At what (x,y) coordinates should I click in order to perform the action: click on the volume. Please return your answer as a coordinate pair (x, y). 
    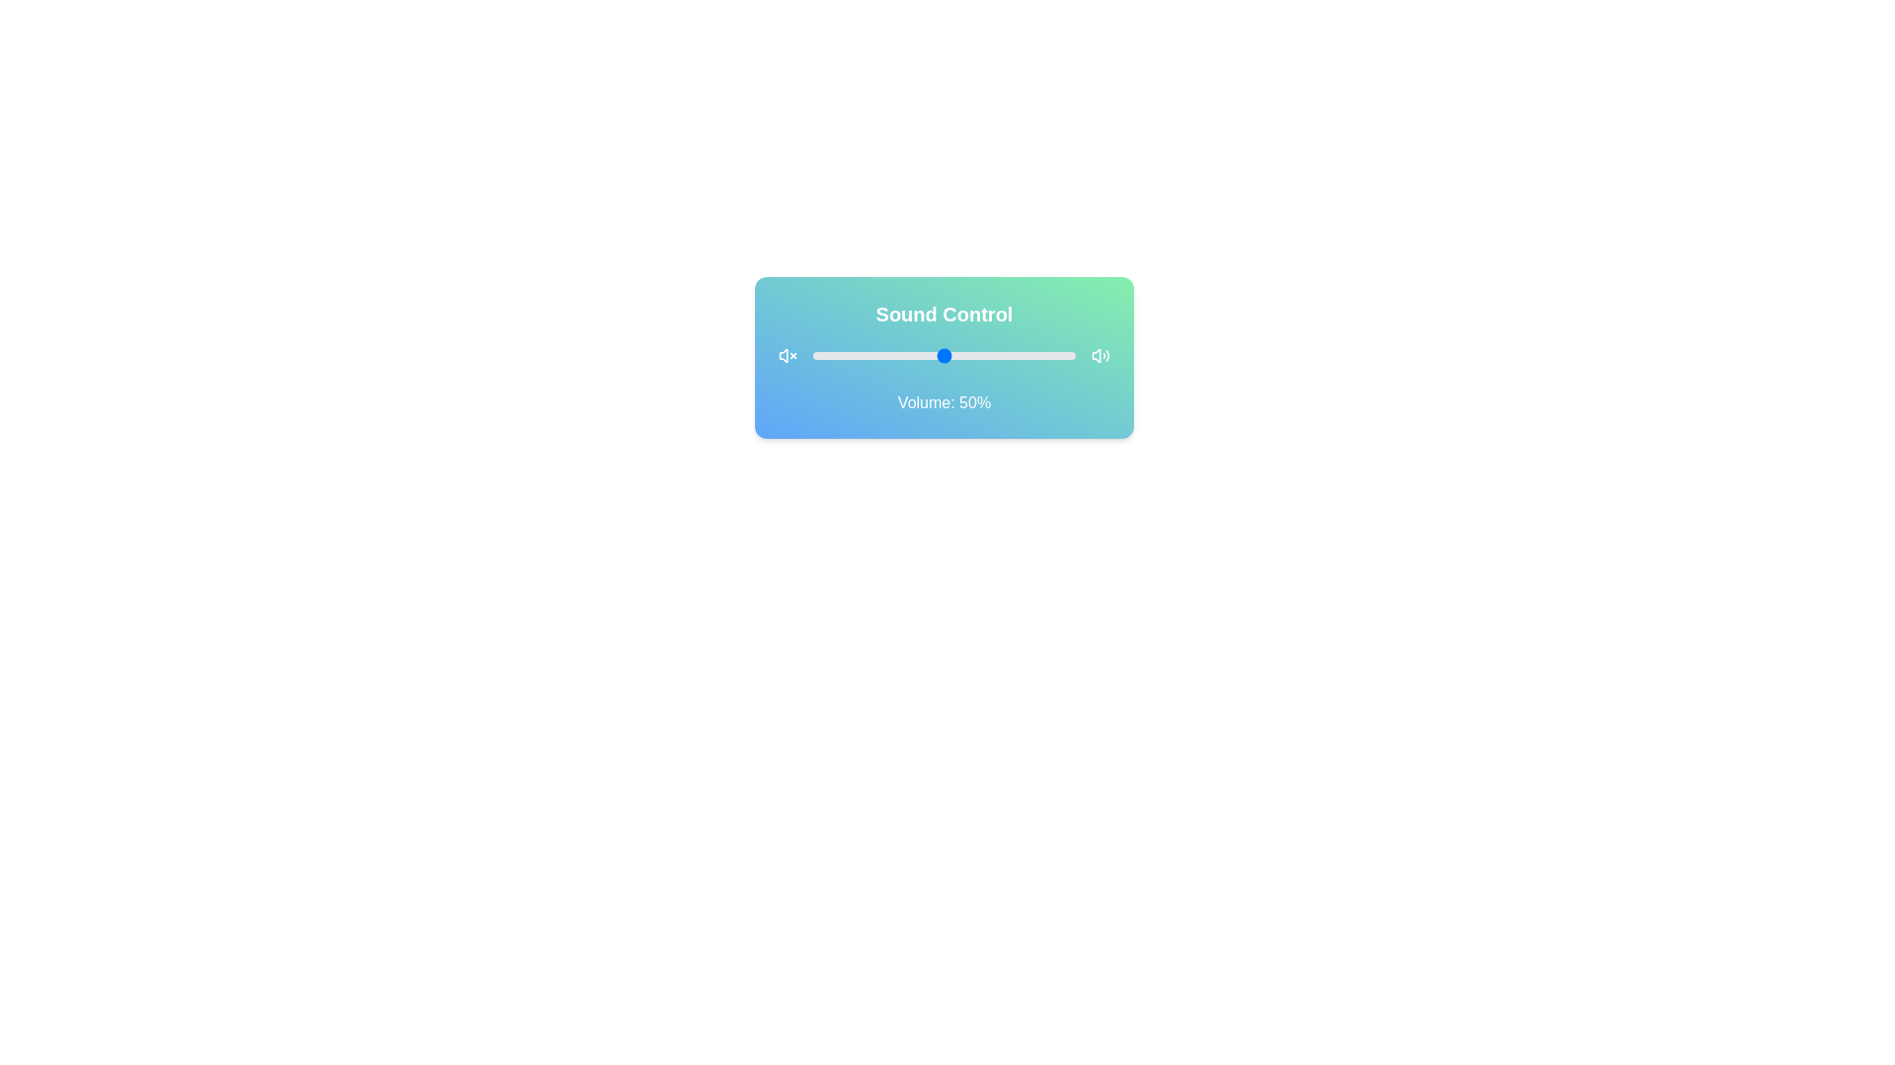
    Looking at the image, I should click on (991, 356).